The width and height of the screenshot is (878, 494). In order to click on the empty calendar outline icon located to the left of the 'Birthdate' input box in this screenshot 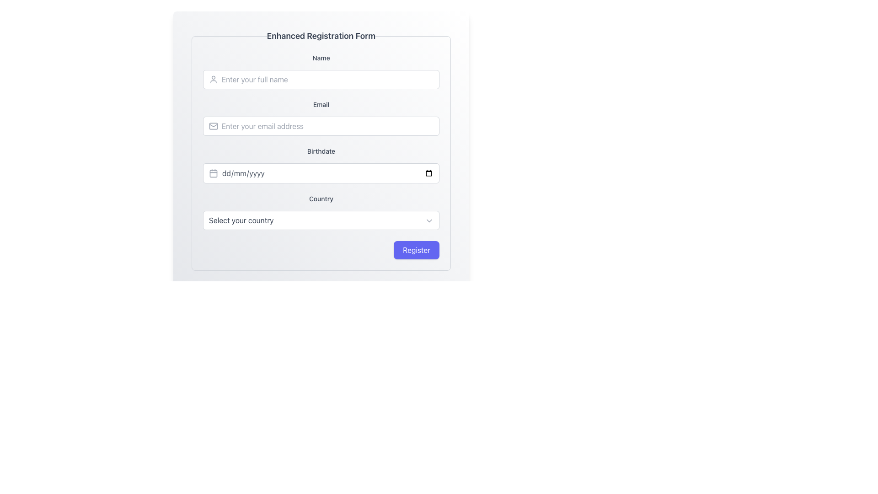, I will do `click(213, 173)`.